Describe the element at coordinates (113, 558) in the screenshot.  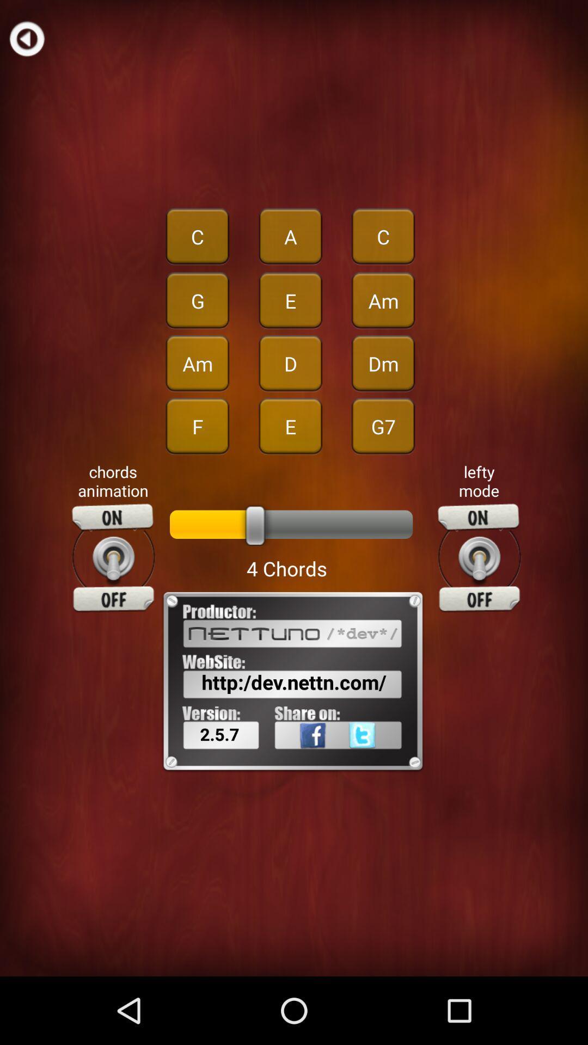
I see `item above http dev nettn item` at that location.